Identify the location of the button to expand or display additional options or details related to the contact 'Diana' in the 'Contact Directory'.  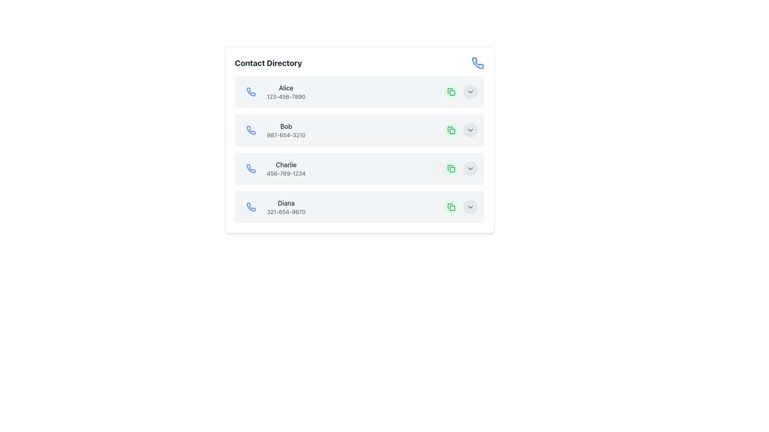
(470, 206).